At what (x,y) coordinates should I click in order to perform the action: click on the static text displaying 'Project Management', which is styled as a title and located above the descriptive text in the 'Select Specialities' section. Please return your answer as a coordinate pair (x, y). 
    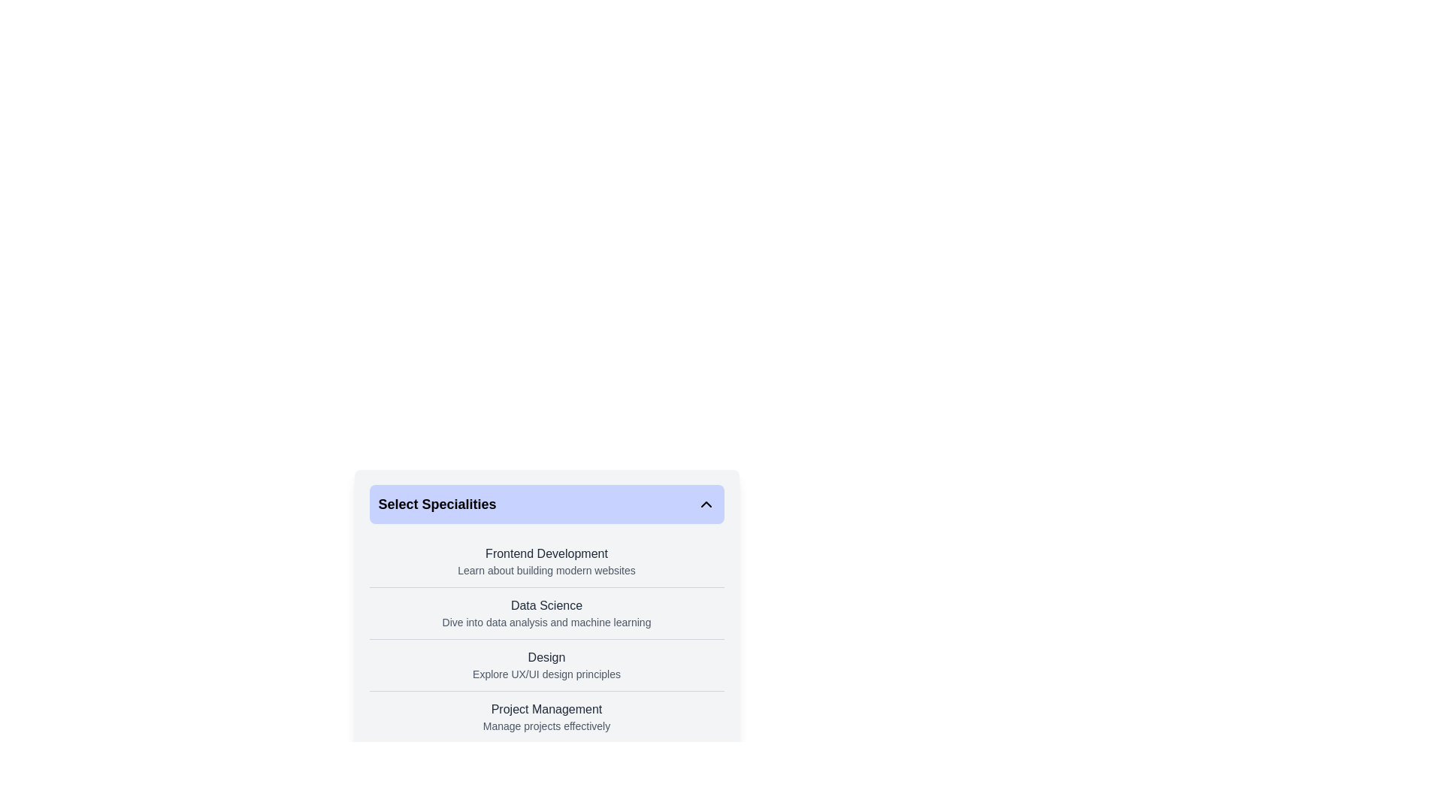
    Looking at the image, I should click on (546, 710).